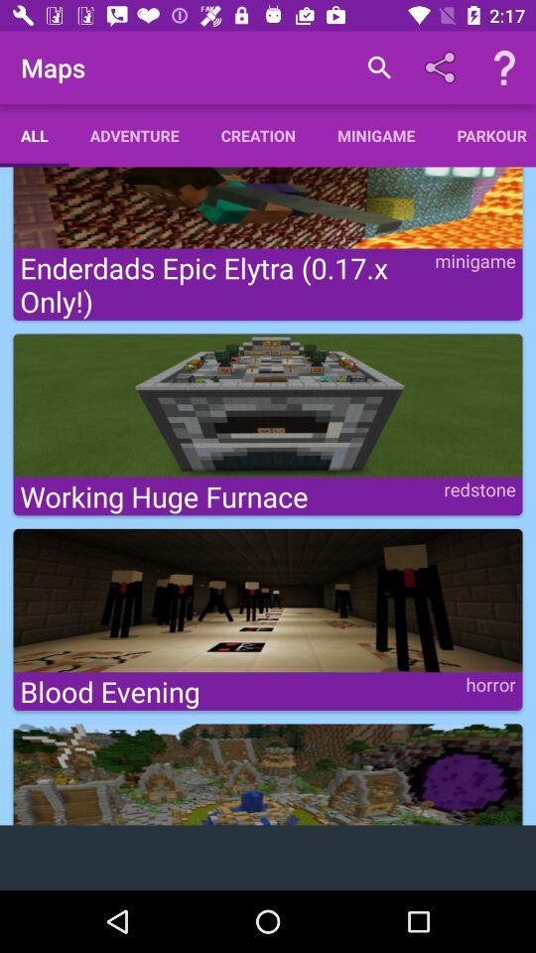 The width and height of the screenshot is (536, 953). I want to click on the item next to minigame app, so click(484, 134).